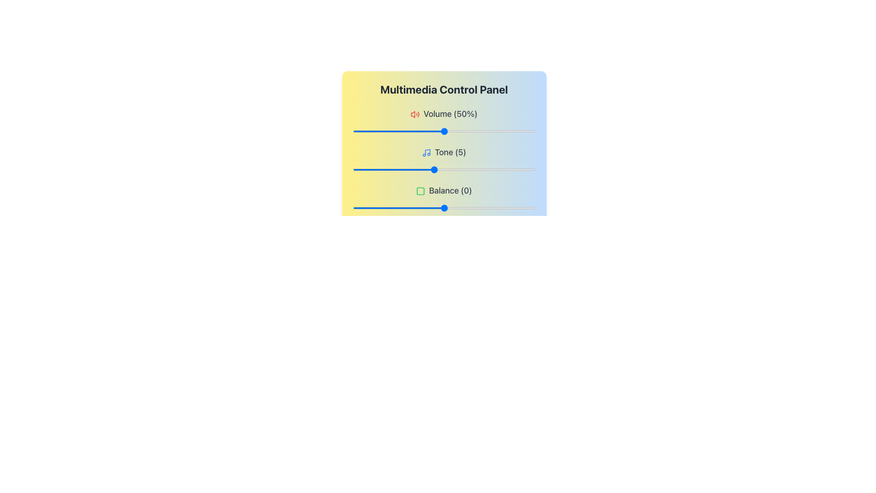  What do you see at coordinates (431, 208) in the screenshot?
I see `the balance` at bounding box center [431, 208].